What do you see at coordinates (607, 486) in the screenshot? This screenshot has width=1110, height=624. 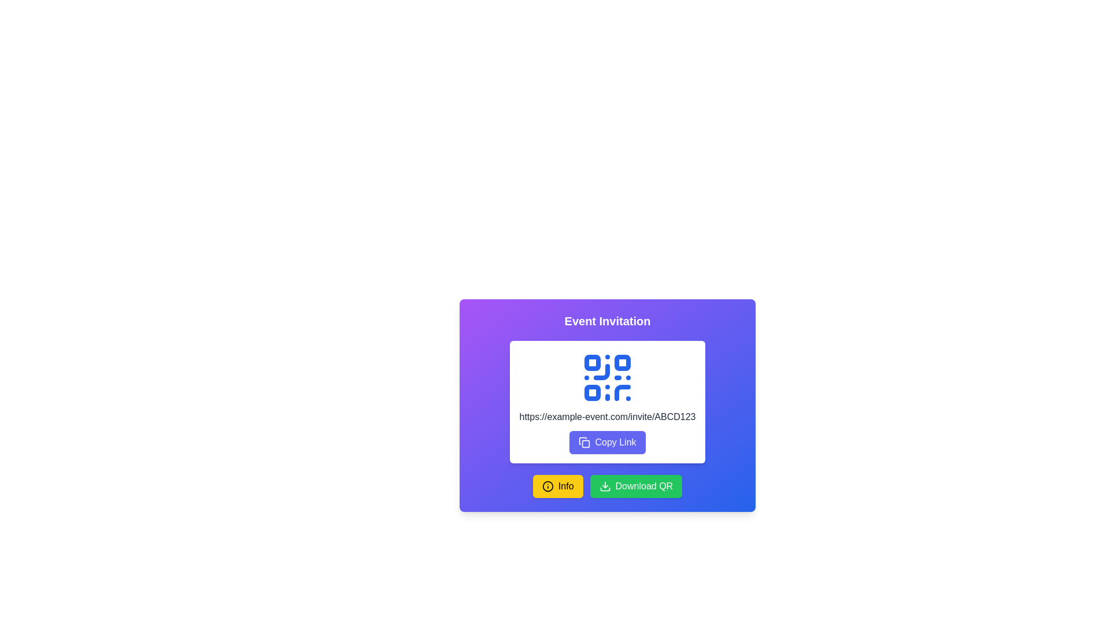 I see `the download button located at the bottom right corner of the panel, which allows users to download the associated QR code` at bounding box center [607, 486].